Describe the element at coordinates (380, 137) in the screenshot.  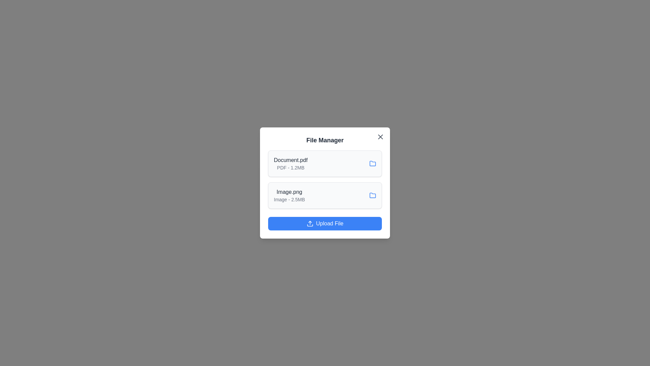
I see `close button at the top-right corner of the File Manager Dialog` at that location.